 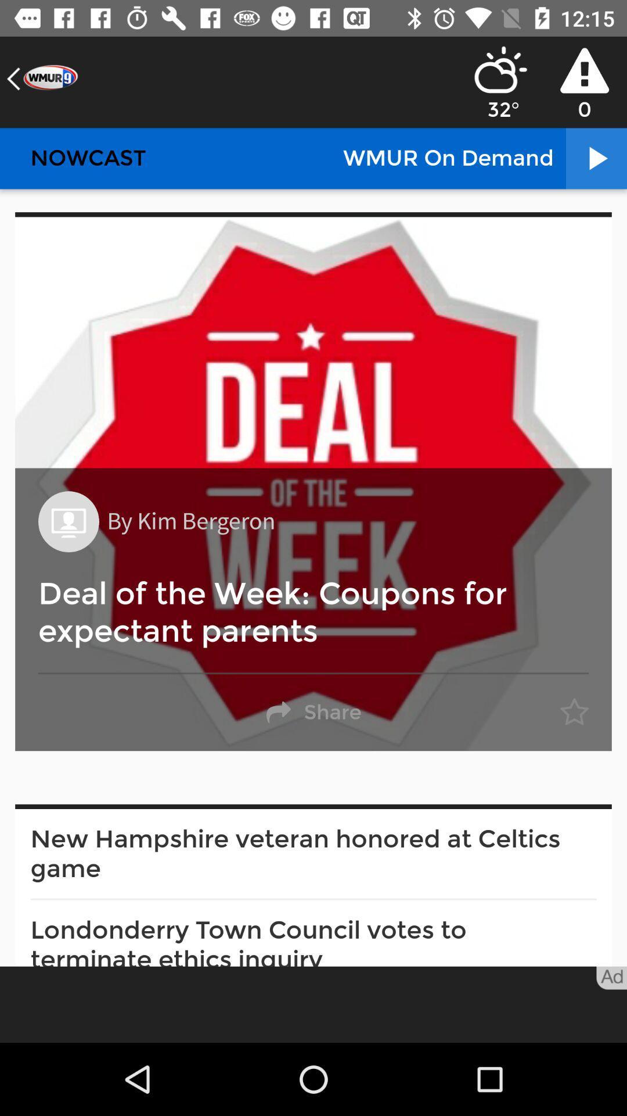 I want to click on the by kim bergeron icon, so click(x=190, y=521).